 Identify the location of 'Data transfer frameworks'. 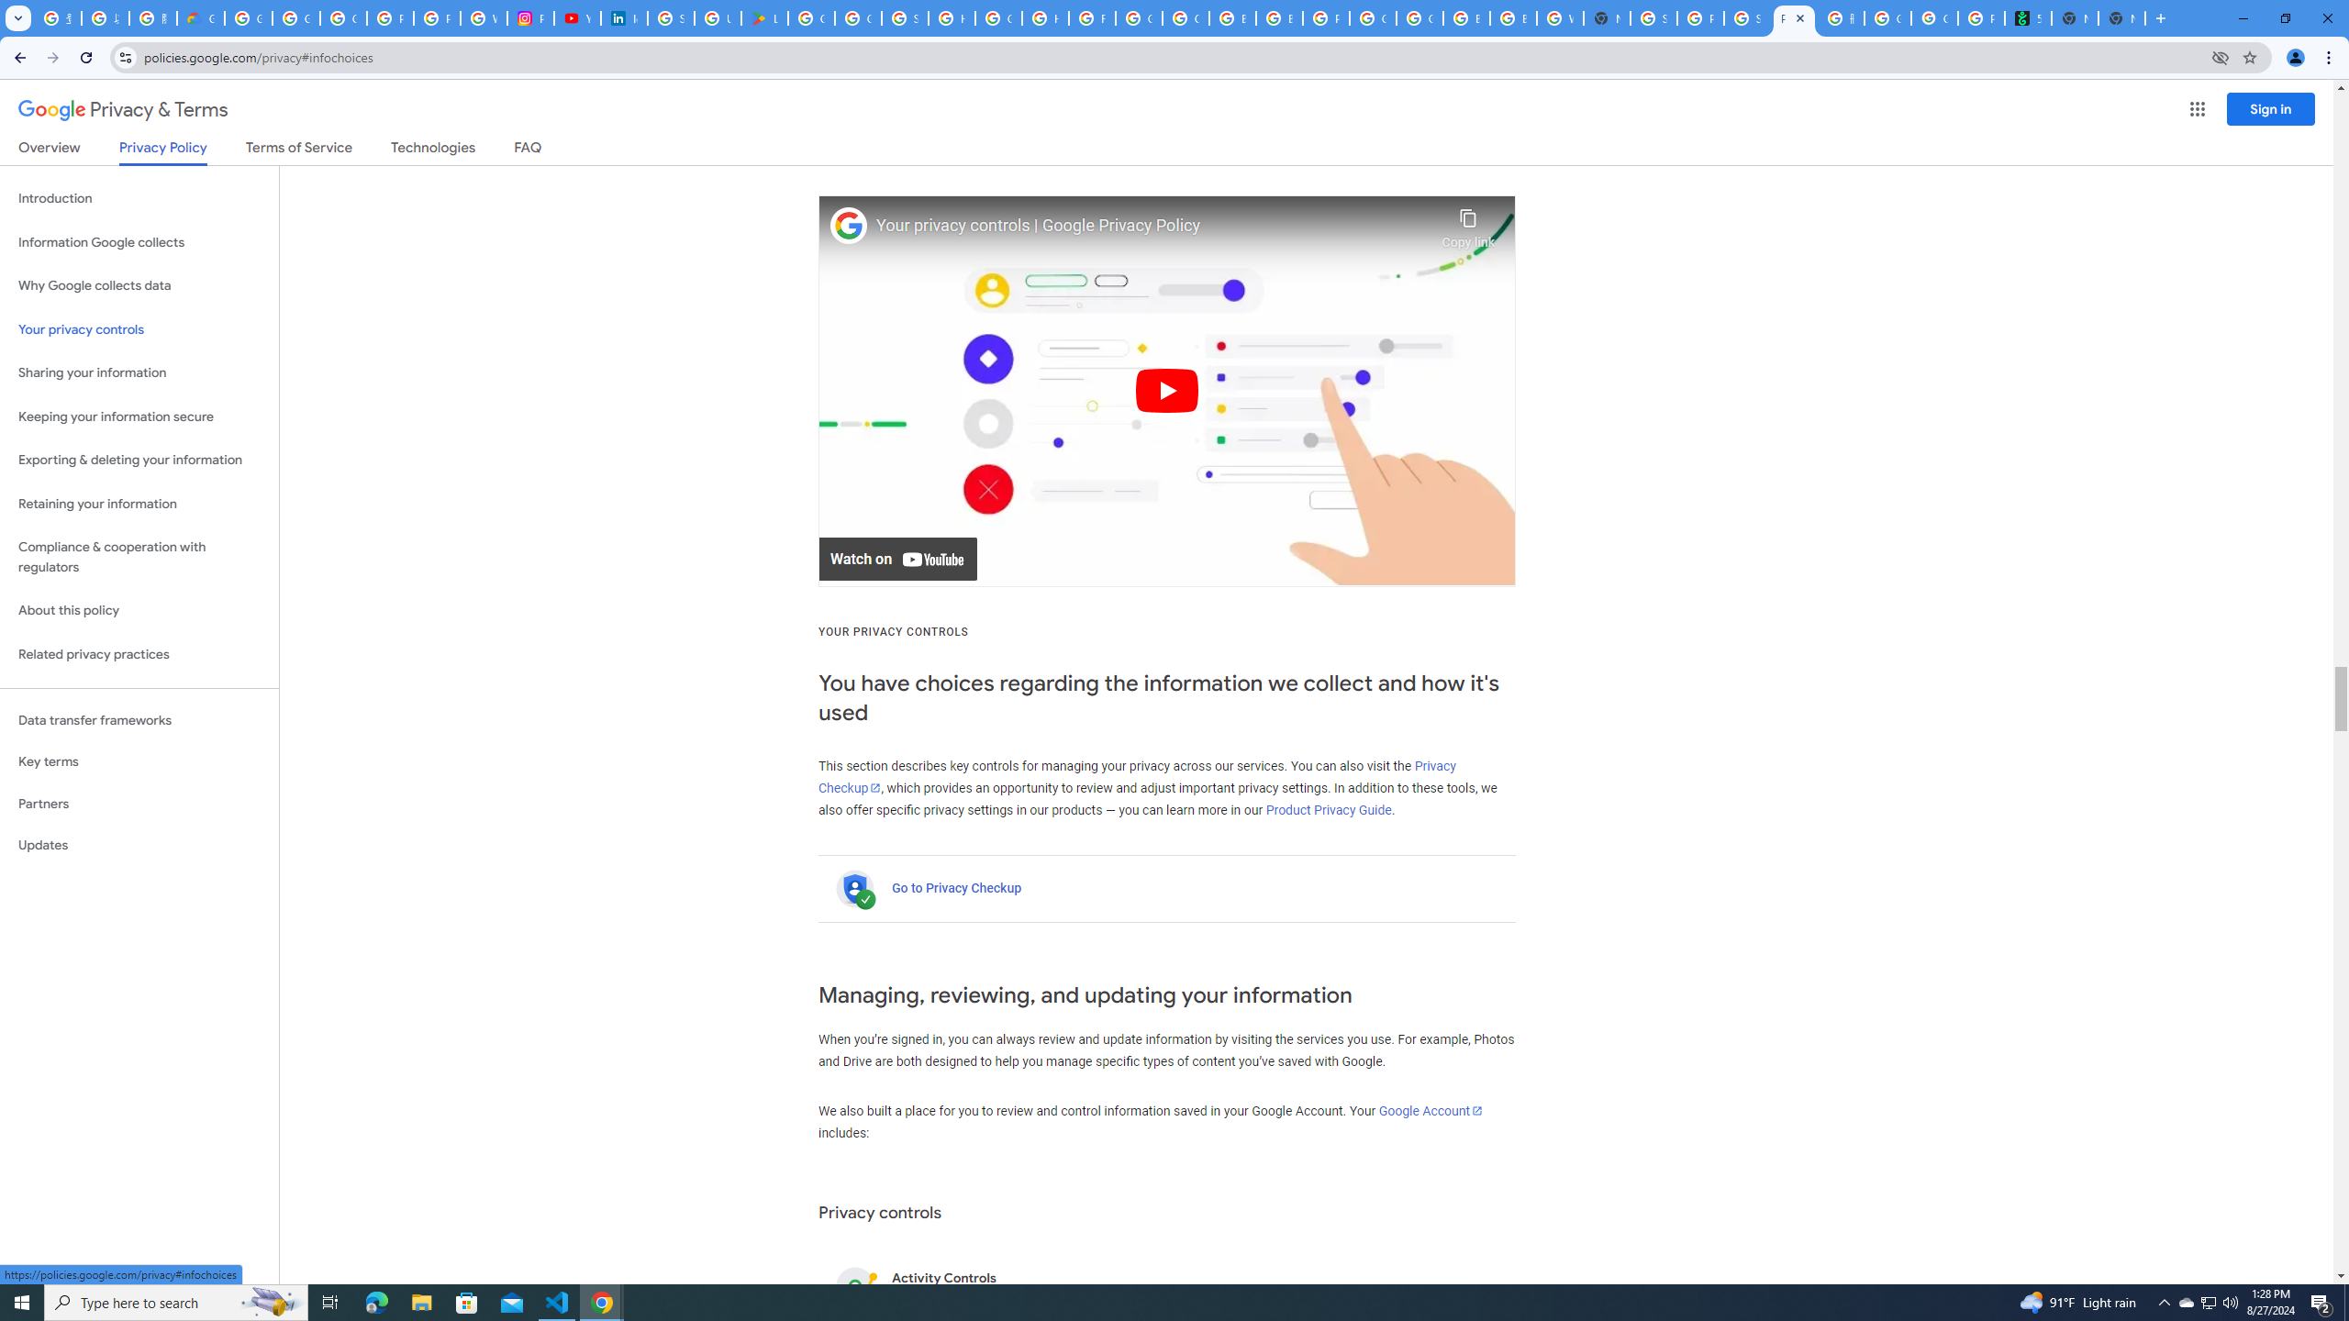
(139, 720).